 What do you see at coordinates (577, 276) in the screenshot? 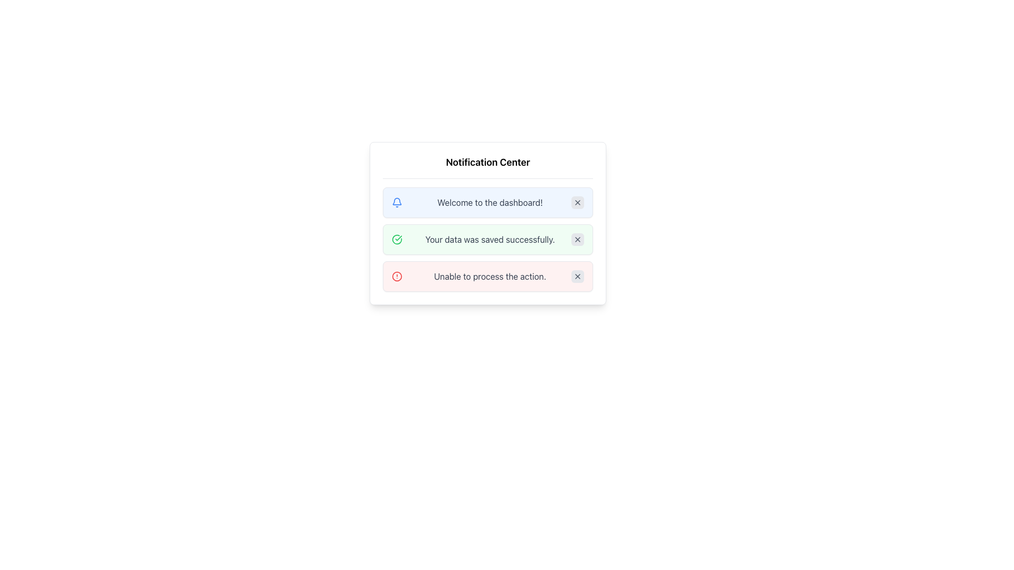
I see `the dismiss button located in the bottom right corner of the red alert box displaying the message 'Unable to process the action.'` at bounding box center [577, 276].